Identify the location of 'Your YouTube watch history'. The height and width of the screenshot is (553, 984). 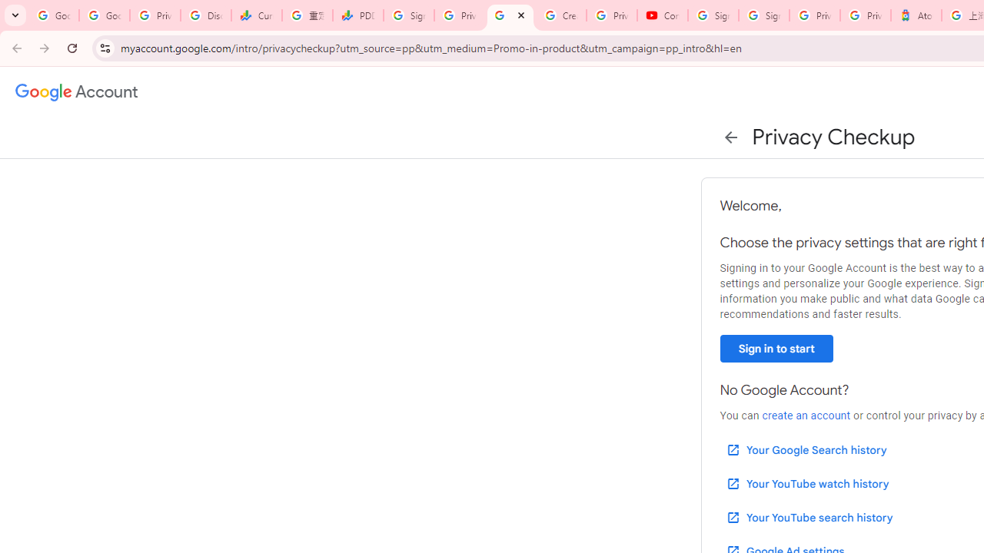
(806, 484).